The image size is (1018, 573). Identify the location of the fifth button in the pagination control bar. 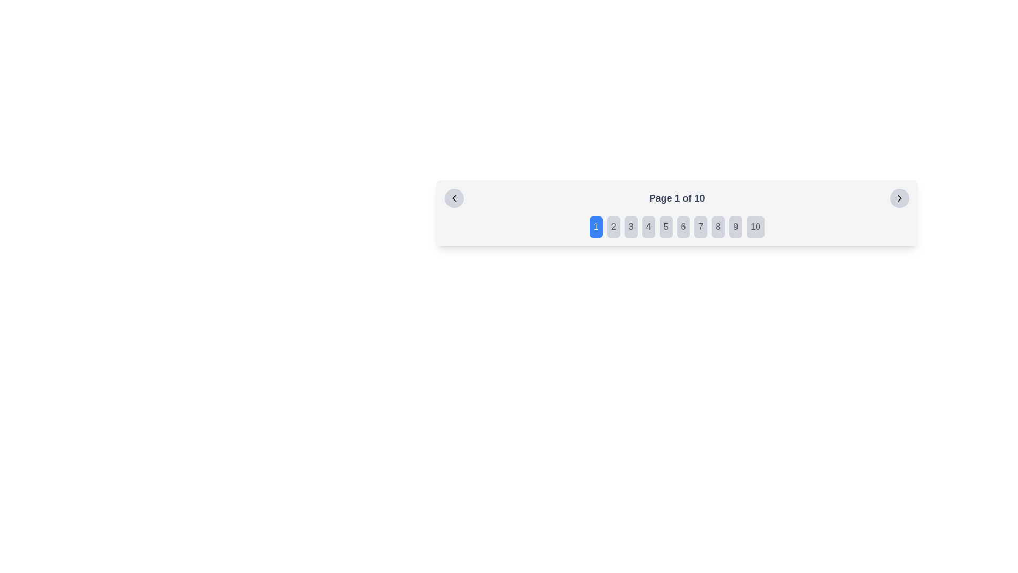
(665, 227).